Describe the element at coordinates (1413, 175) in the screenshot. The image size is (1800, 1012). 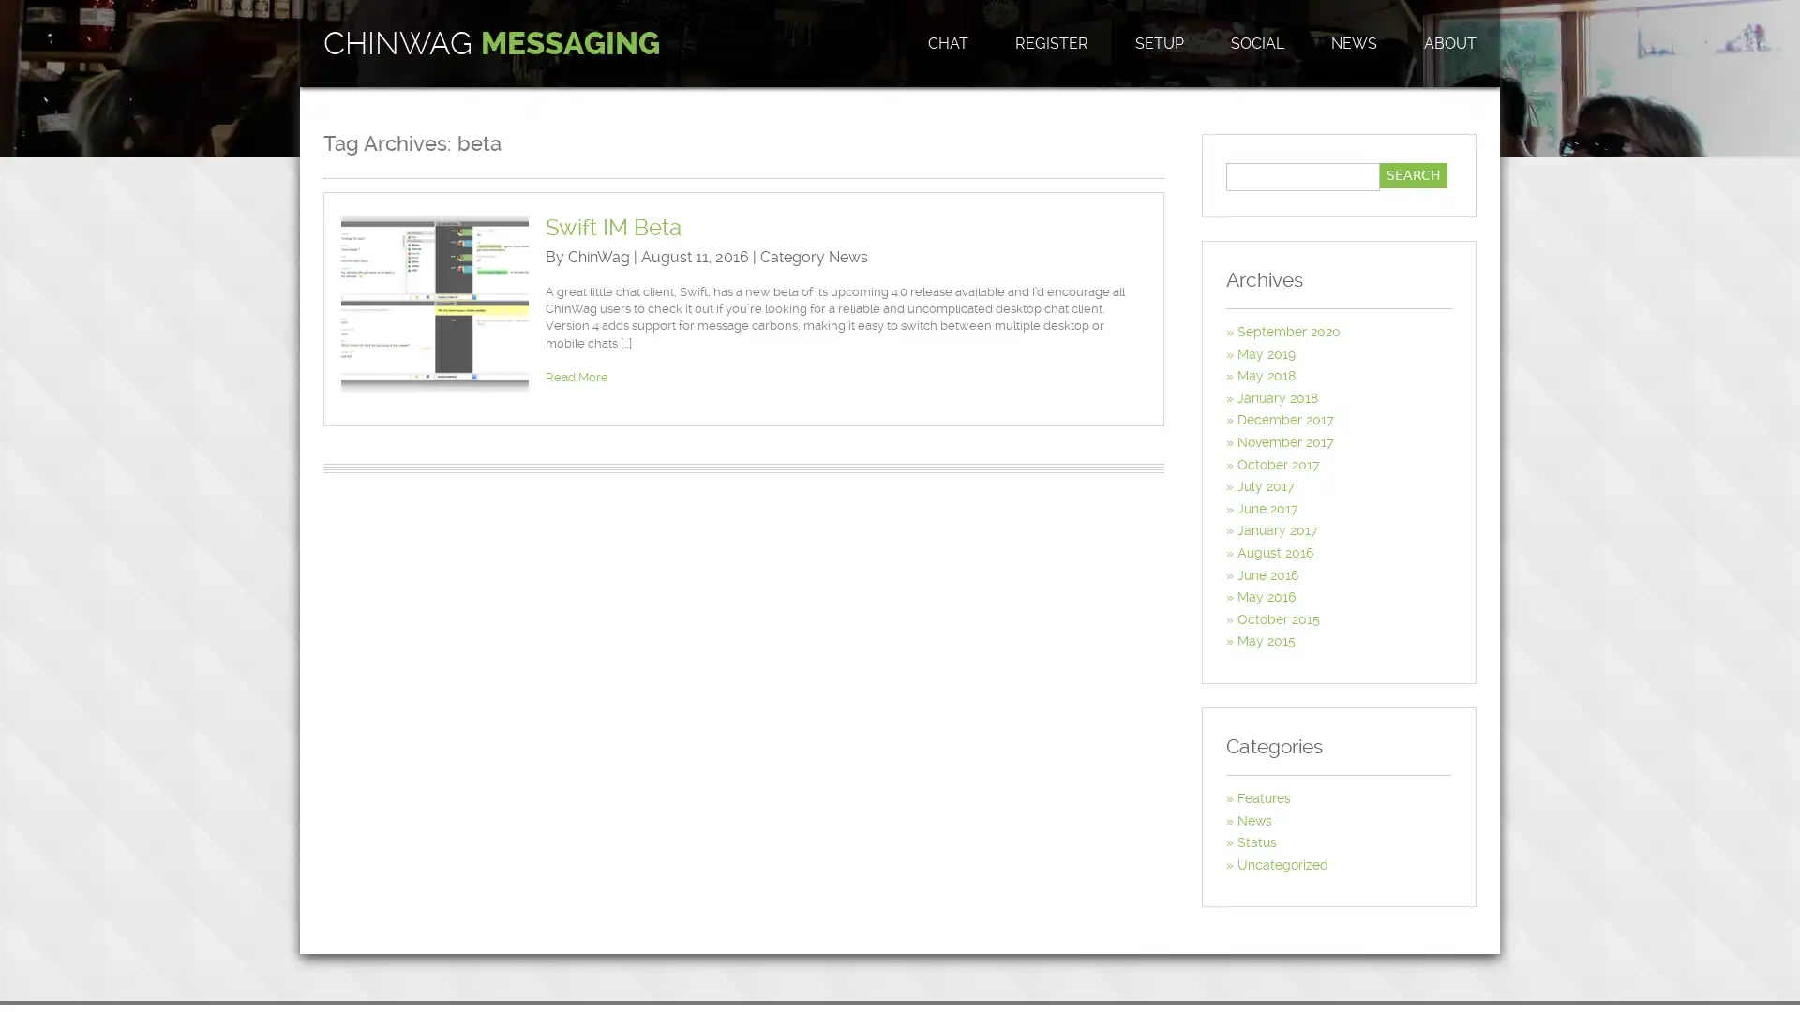
I see `Search` at that location.